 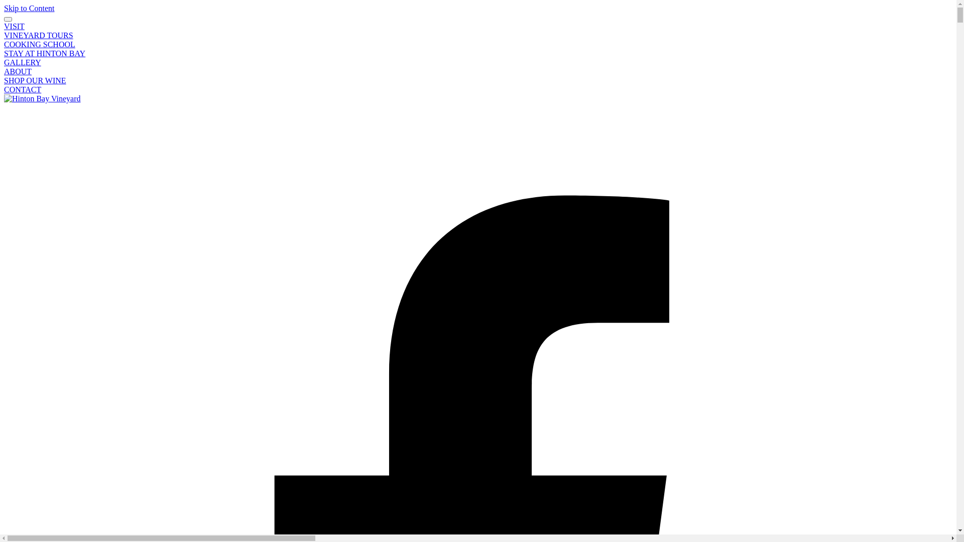 What do you see at coordinates (35, 80) in the screenshot?
I see `'SHOP OUR WINE'` at bounding box center [35, 80].